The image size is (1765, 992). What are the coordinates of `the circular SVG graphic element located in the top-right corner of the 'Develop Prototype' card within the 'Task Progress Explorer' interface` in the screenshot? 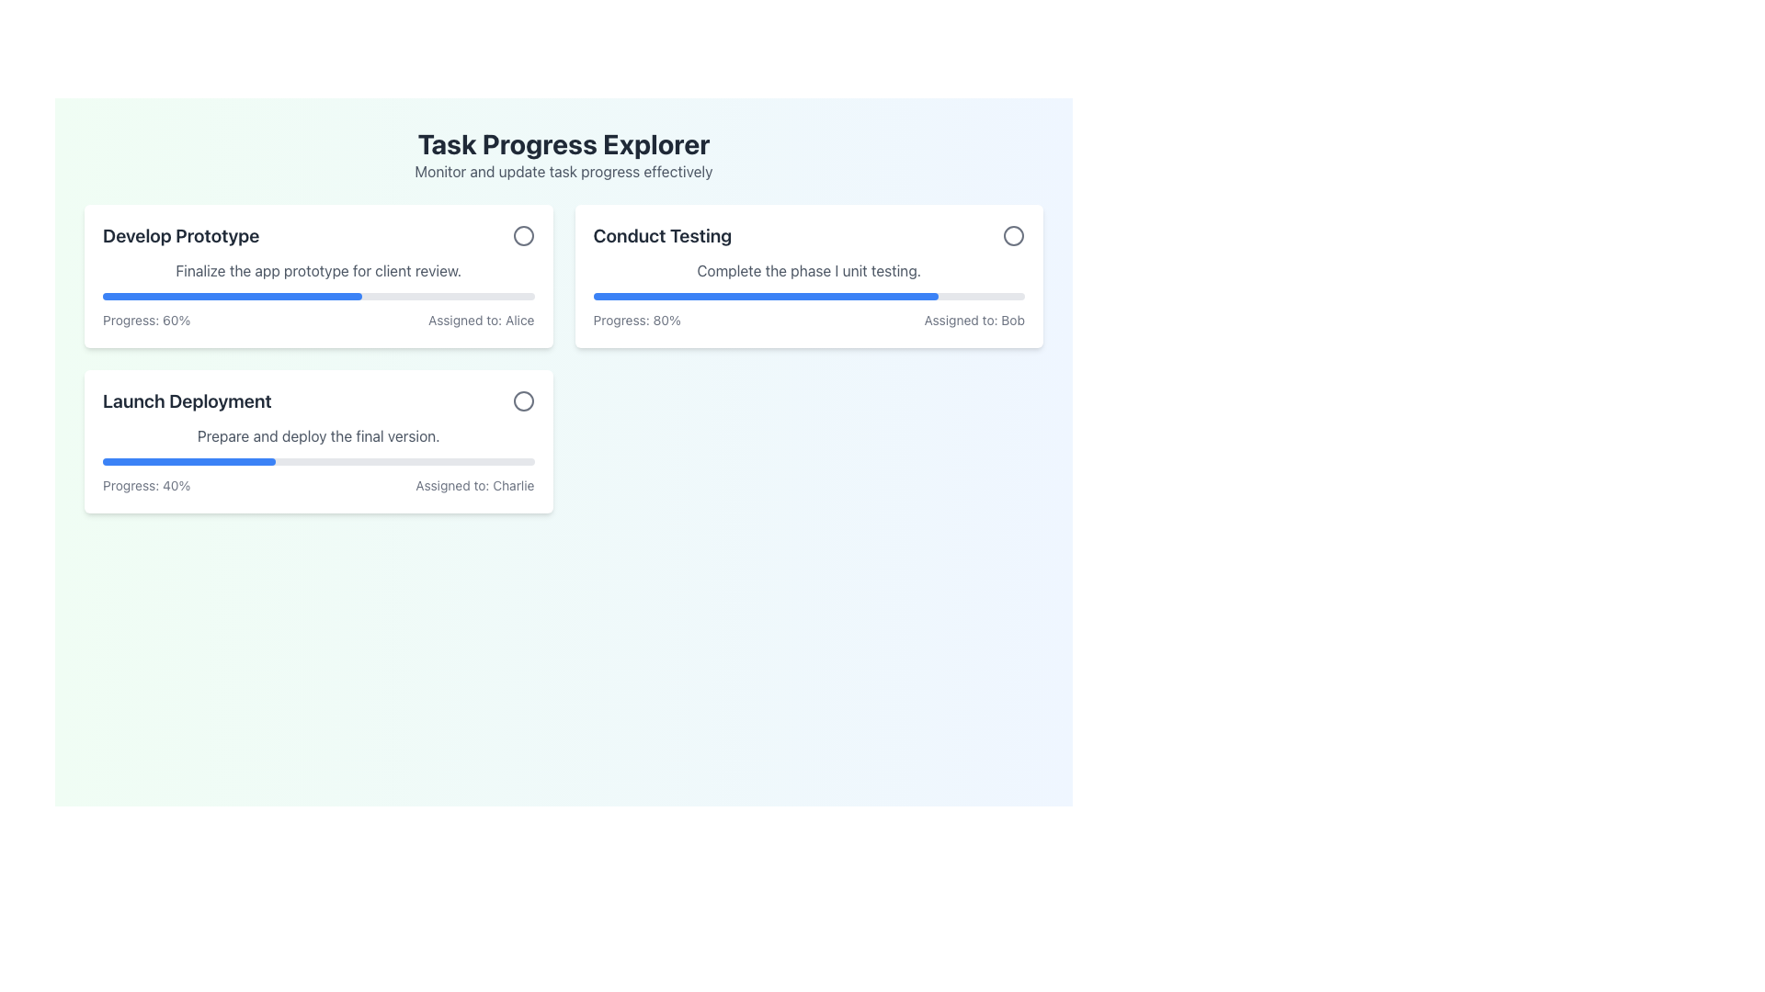 It's located at (522, 235).